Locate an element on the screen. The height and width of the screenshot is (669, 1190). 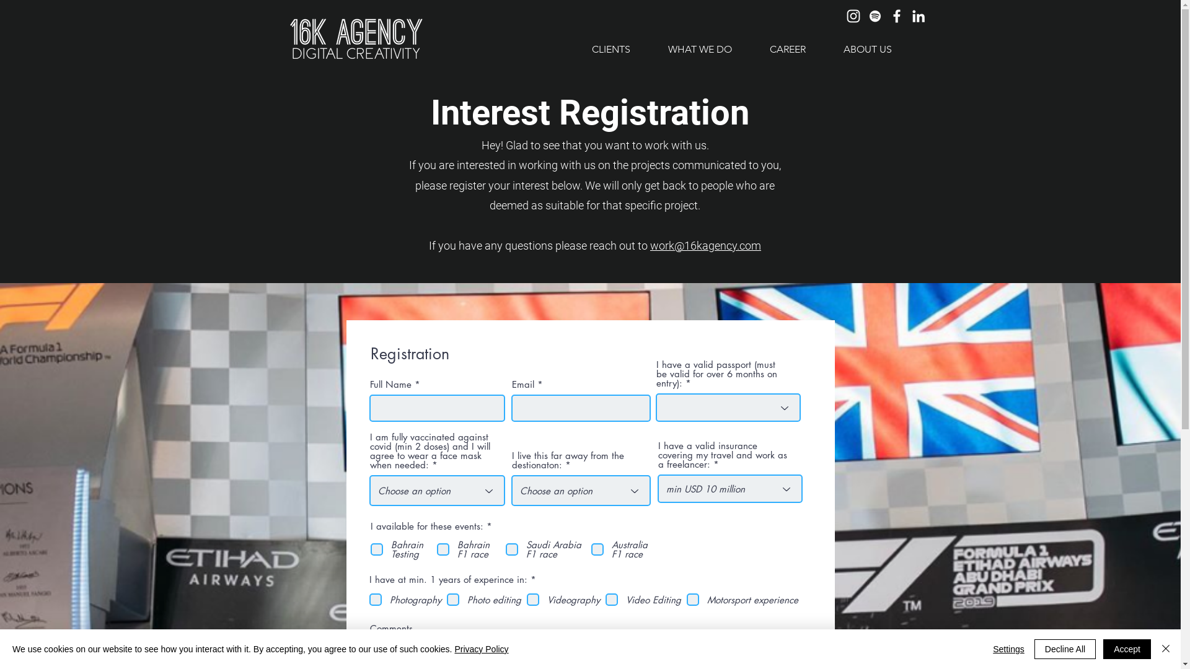
'CAREER' is located at coordinates (786, 48).